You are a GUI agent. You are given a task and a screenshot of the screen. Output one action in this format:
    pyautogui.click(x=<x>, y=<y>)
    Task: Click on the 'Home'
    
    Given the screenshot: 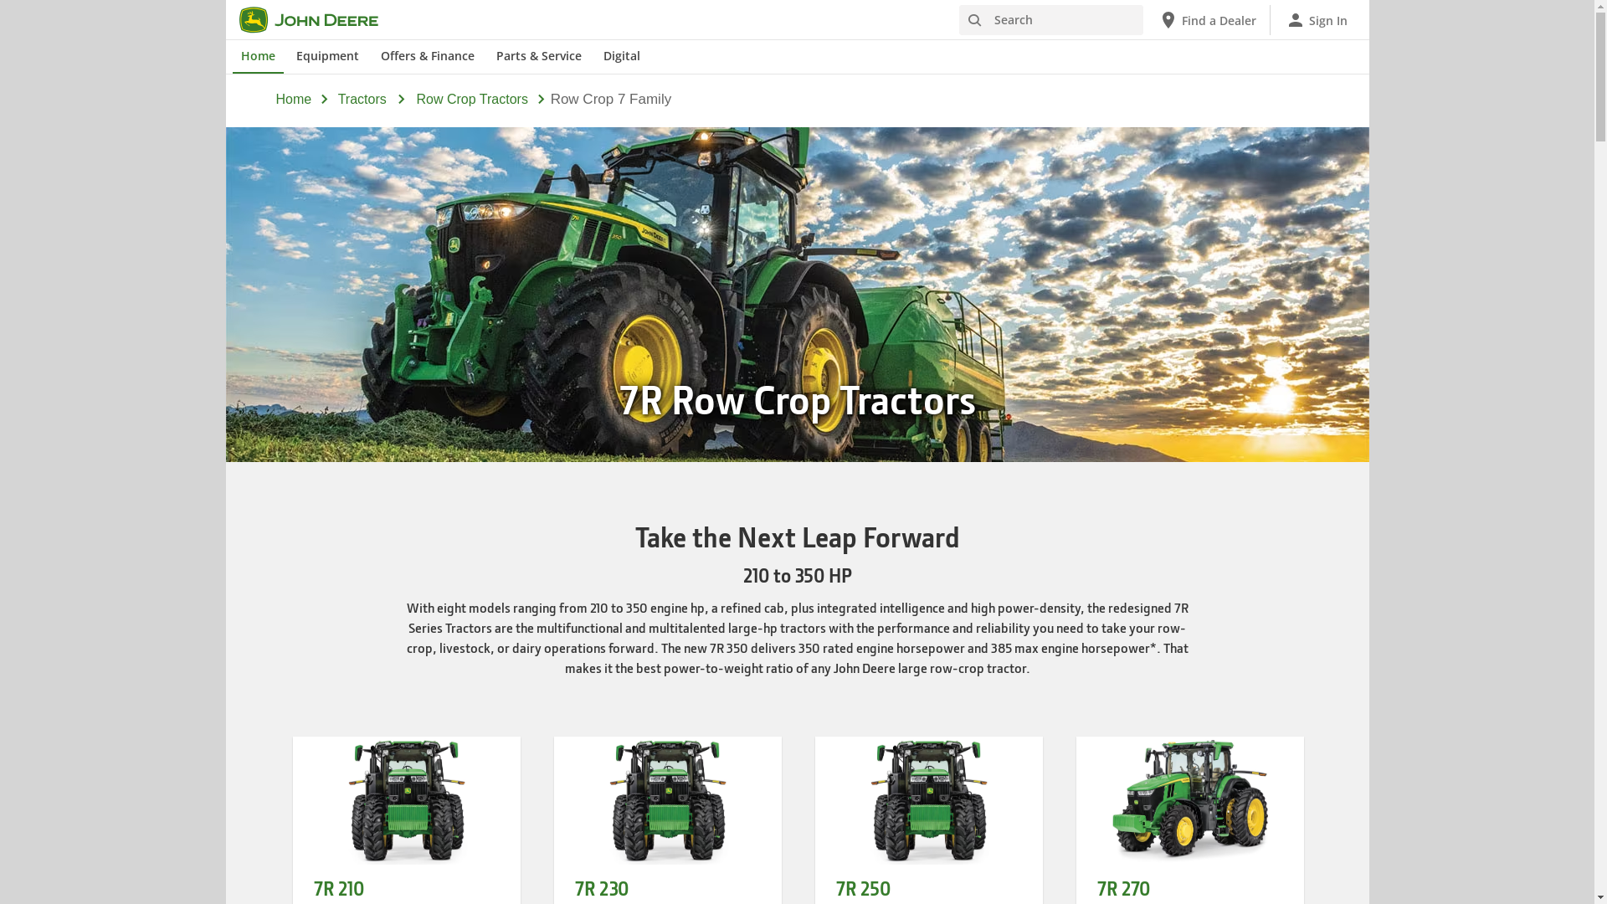 What is the action you would take?
    pyautogui.click(x=232, y=56)
    